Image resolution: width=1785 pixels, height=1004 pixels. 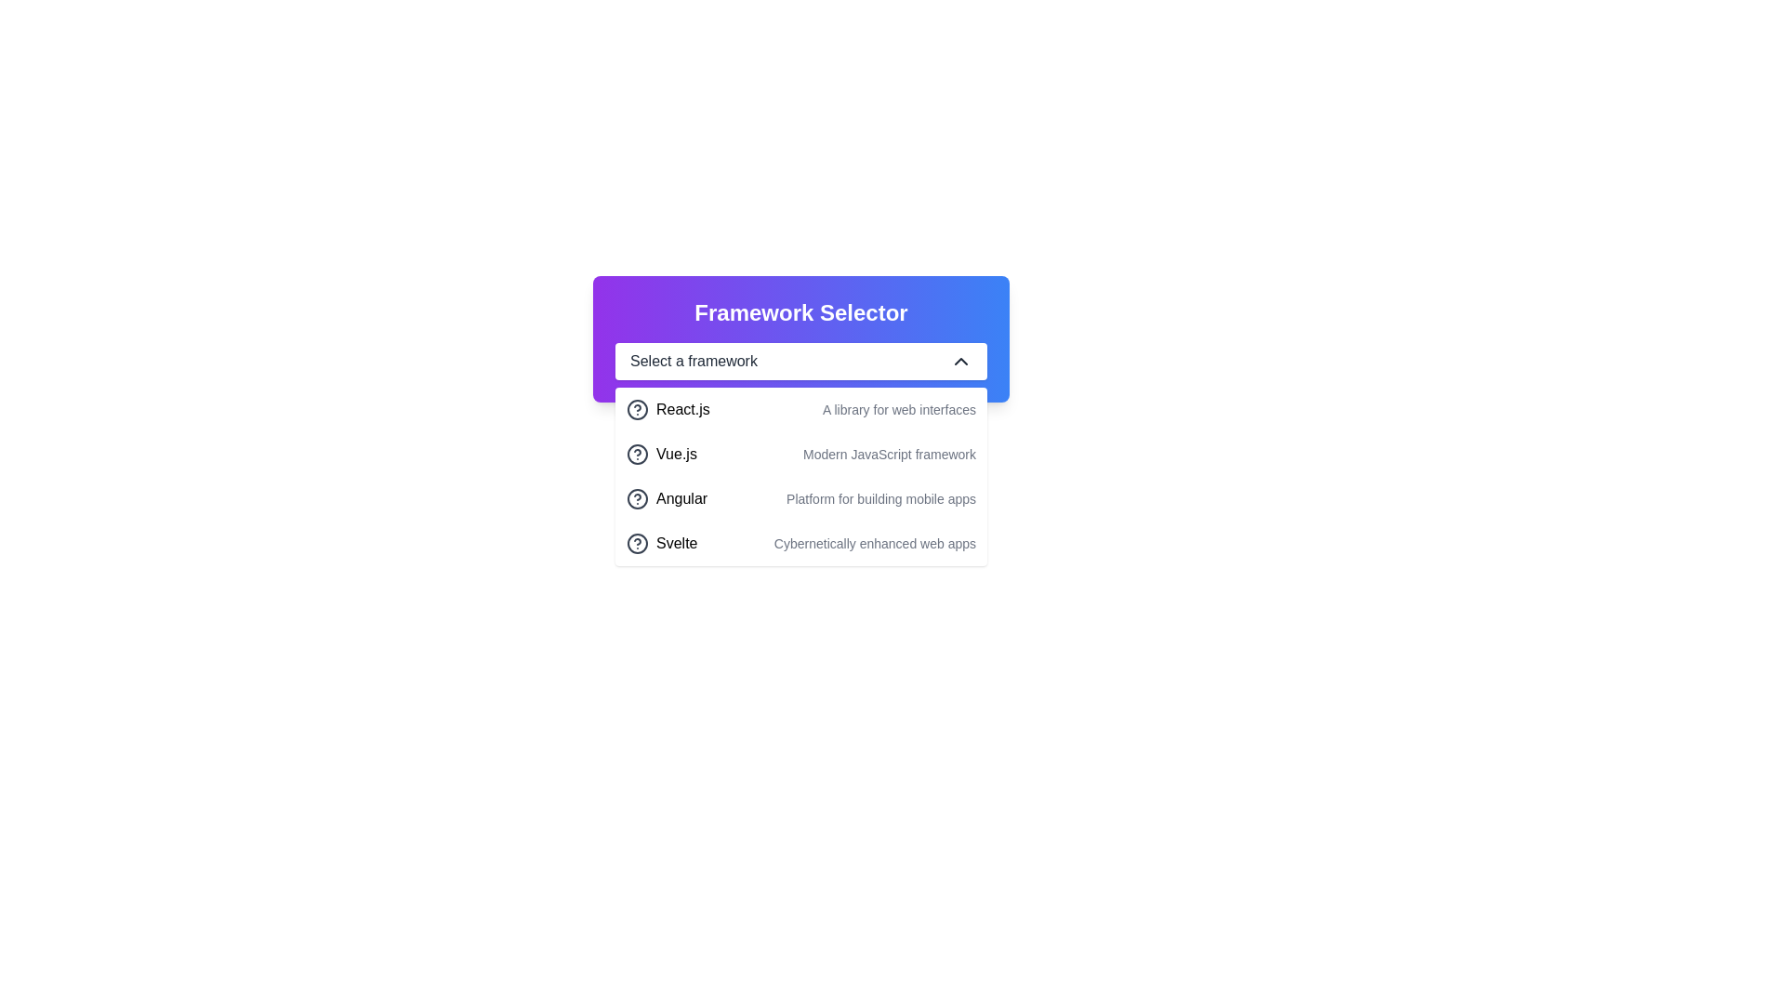 What do you see at coordinates (801, 362) in the screenshot?
I see `the dropdown menu labeled 'Select a framework' for keyboard navigation` at bounding box center [801, 362].